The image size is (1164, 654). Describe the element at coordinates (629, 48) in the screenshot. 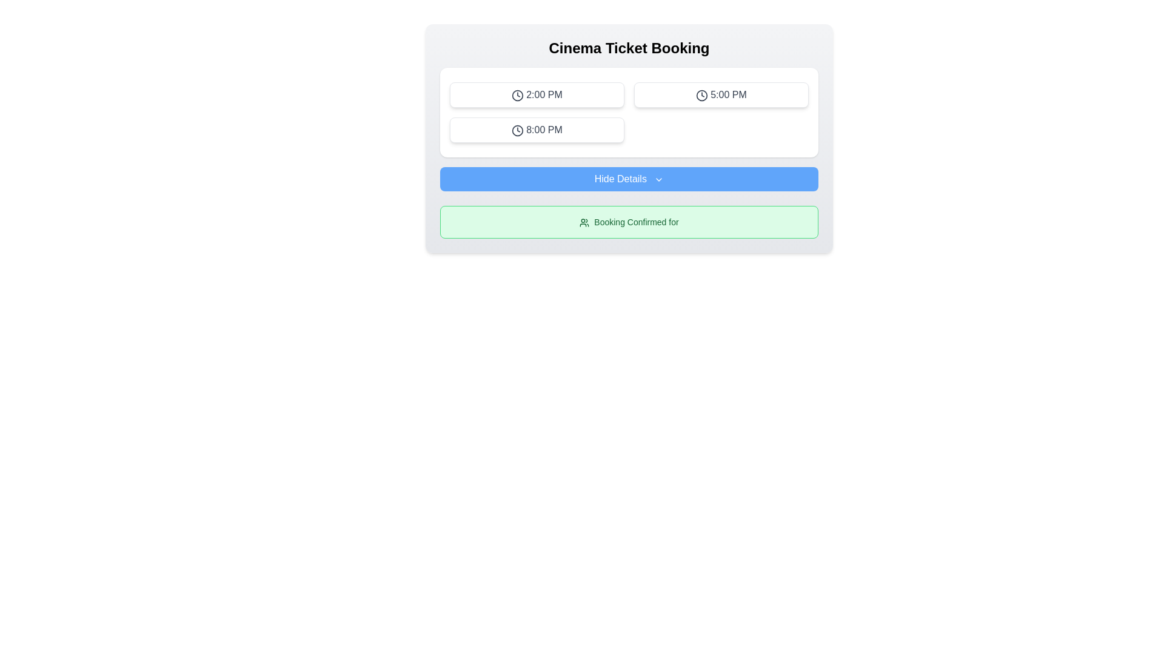

I see `the header text label positioned at the topmost section of the interface, indicating the context for the time selection grid` at that location.